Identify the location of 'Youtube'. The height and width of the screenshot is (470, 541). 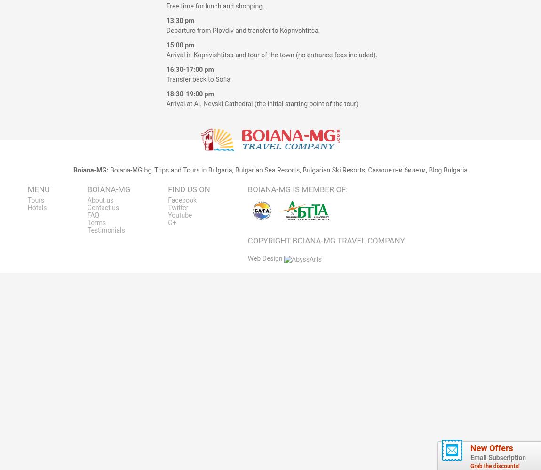
(180, 215).